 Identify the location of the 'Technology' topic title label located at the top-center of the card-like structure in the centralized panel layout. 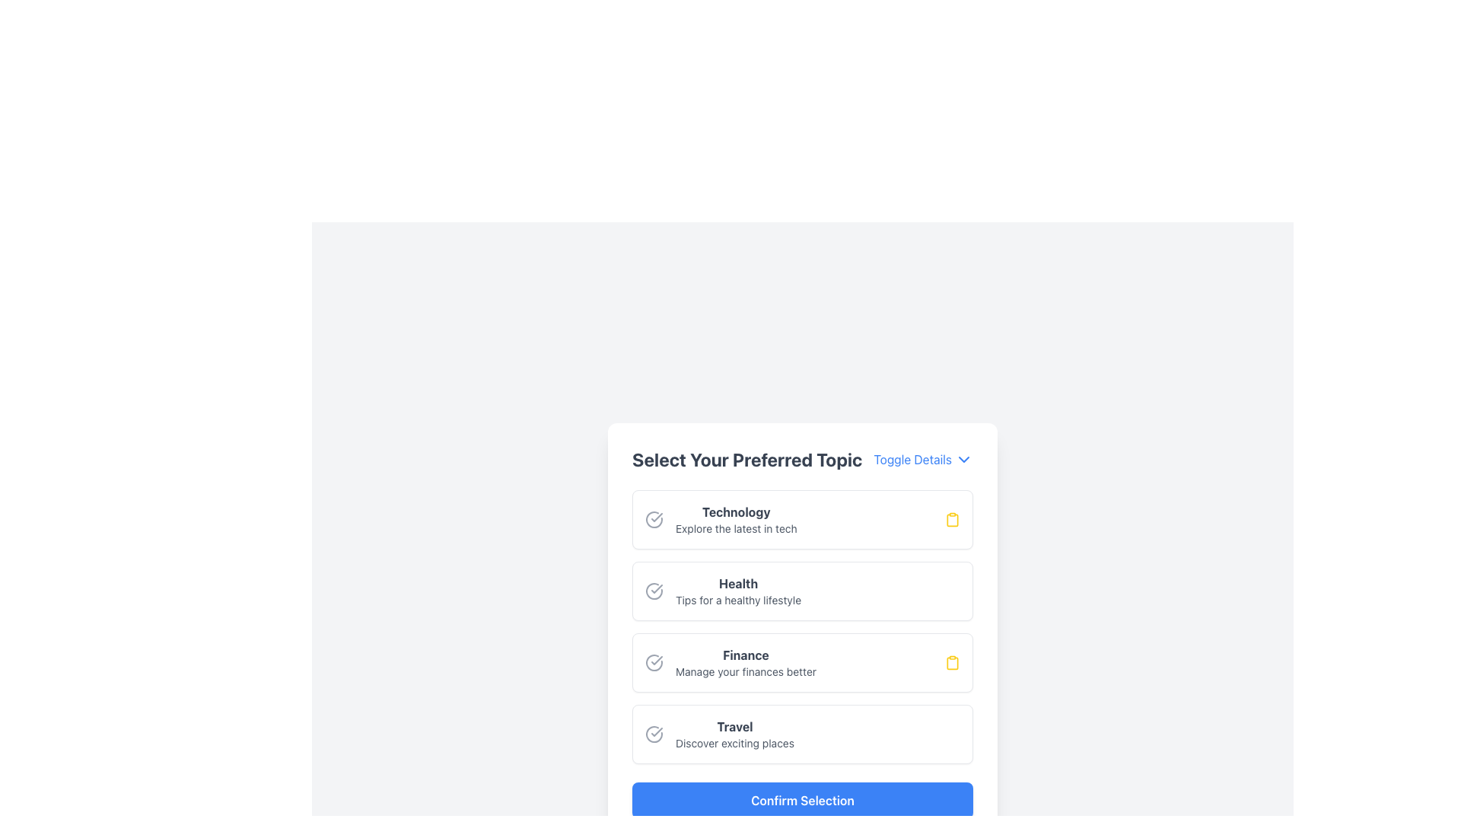
(736, 511).